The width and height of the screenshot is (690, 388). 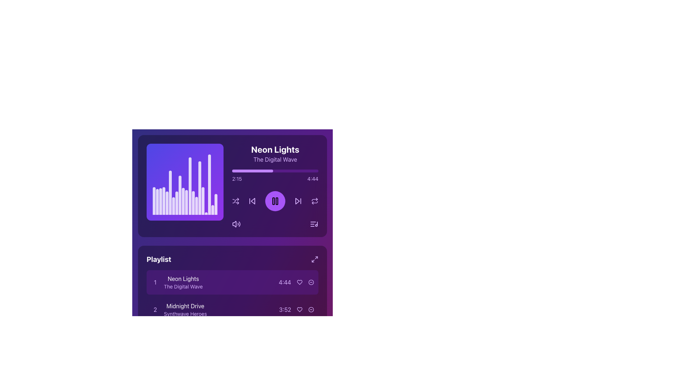 What do you see at coordinates (185, 306) in the screenshot?
I see `the text label that reads 'Midnight Drive', which is styled in white text and positioned in the playlist area of a dark purple-themed music interface` at bounding box center [185, 306].